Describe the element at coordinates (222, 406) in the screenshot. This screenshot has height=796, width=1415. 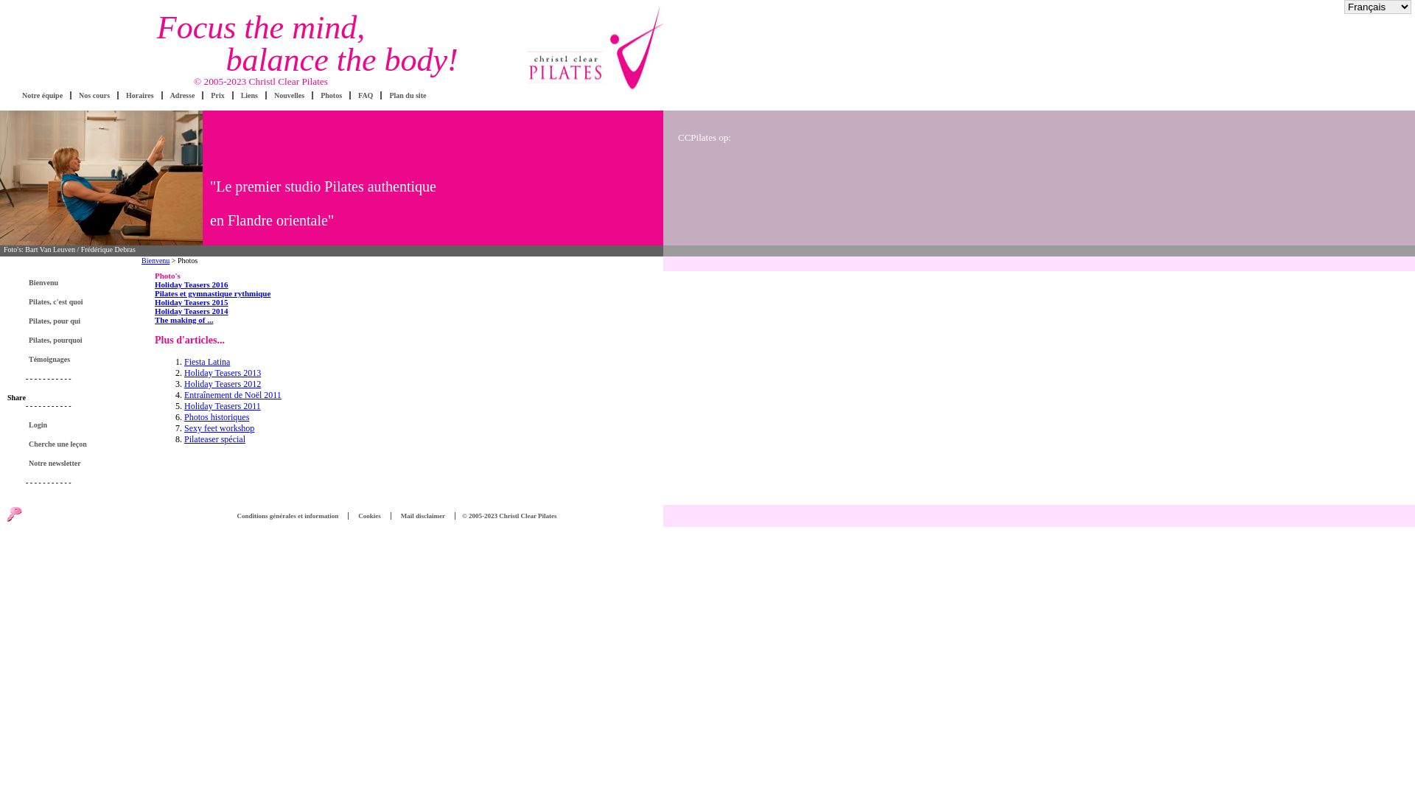
I see `'Holiday Teasers 2011'` at that location.